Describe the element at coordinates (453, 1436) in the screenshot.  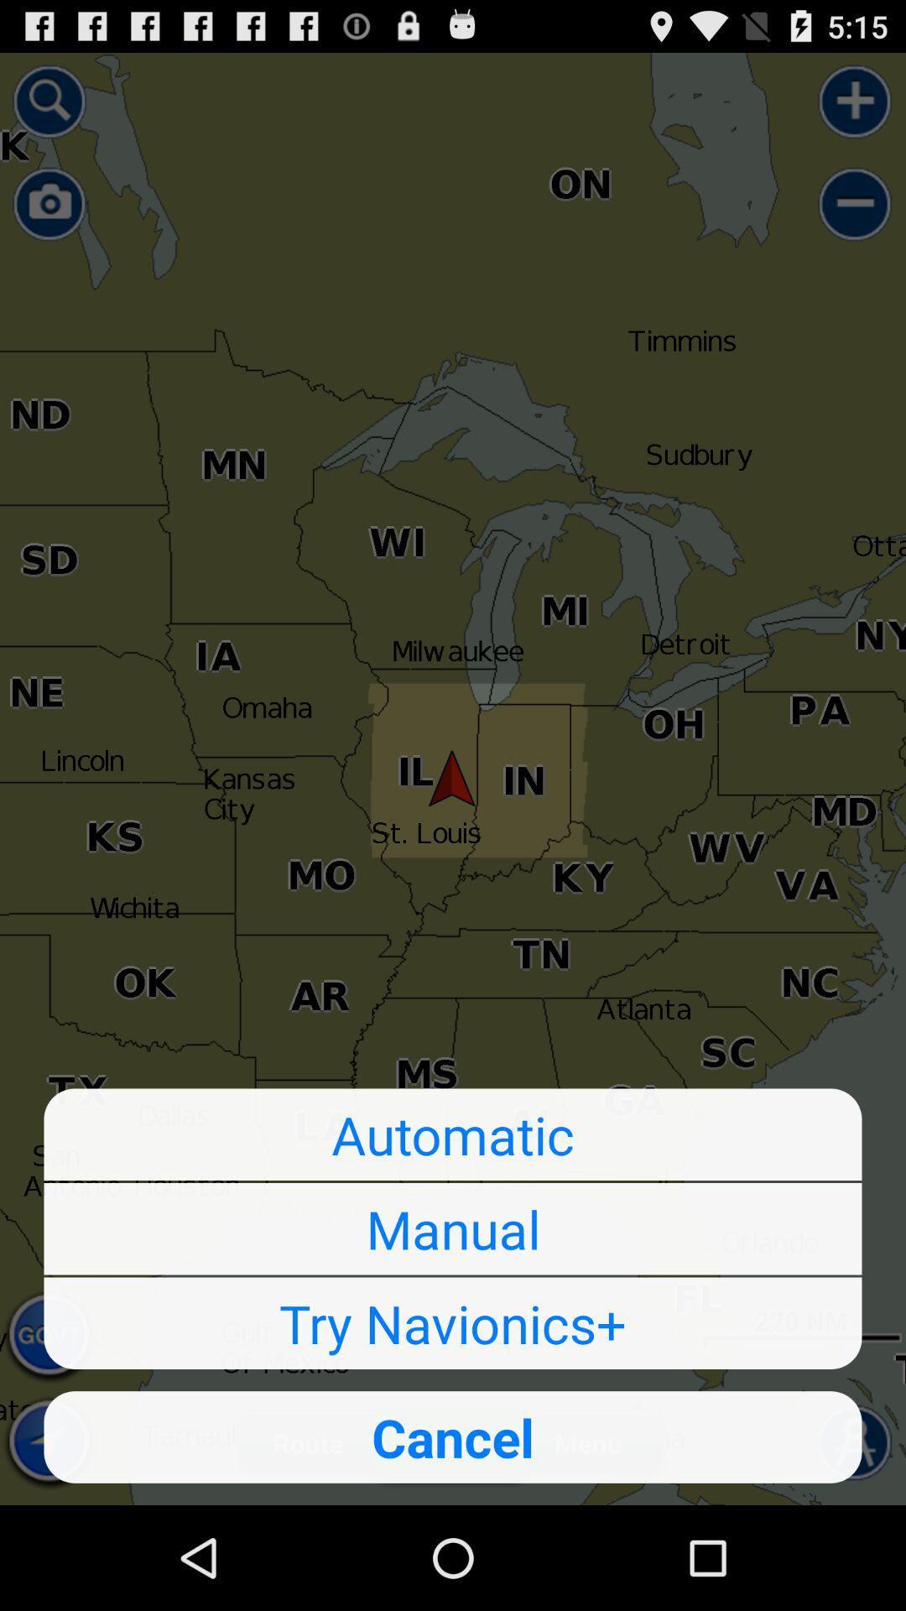
I see `the cancel button` at that location.